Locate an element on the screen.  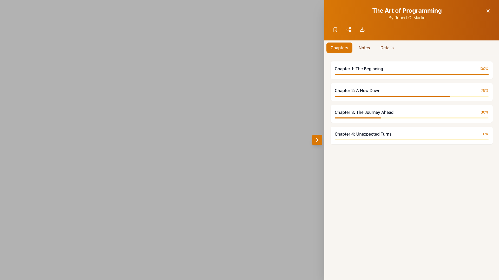
the text label displaying '0%' which is styled with an amber color and positioned at the far right of the chapter title 'Chapter 4: Unexpected Turns' is located at coordinates (485, 134).